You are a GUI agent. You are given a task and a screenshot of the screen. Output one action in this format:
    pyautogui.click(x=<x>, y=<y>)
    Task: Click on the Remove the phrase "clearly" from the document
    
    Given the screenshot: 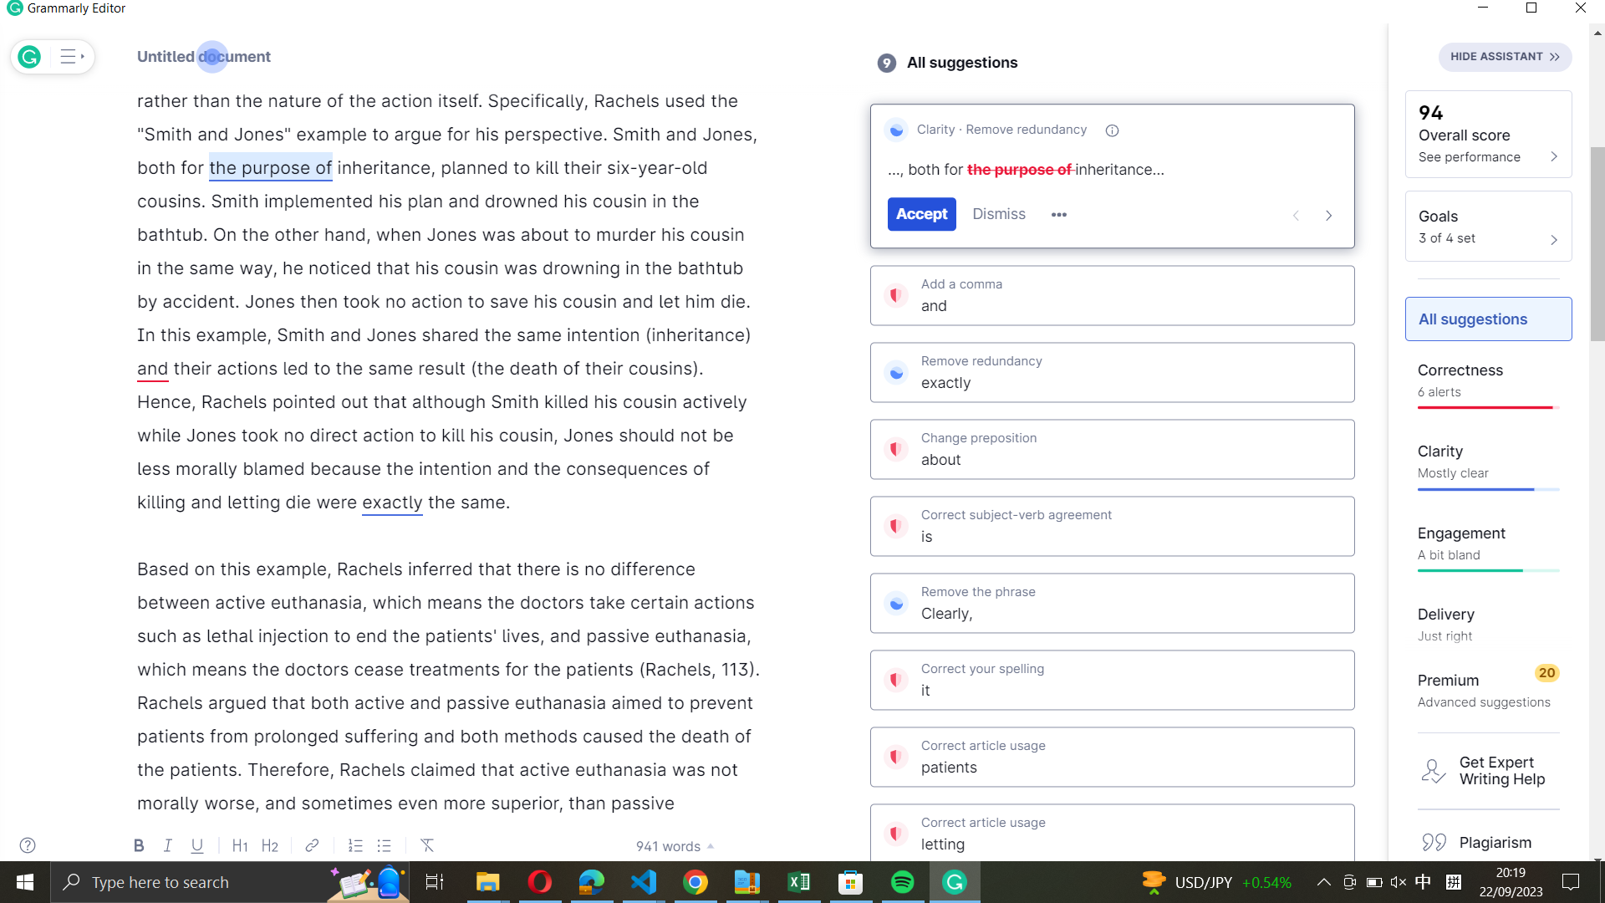 What is the action you would take?
    pyautogui.click(x=1112, y=599)
    